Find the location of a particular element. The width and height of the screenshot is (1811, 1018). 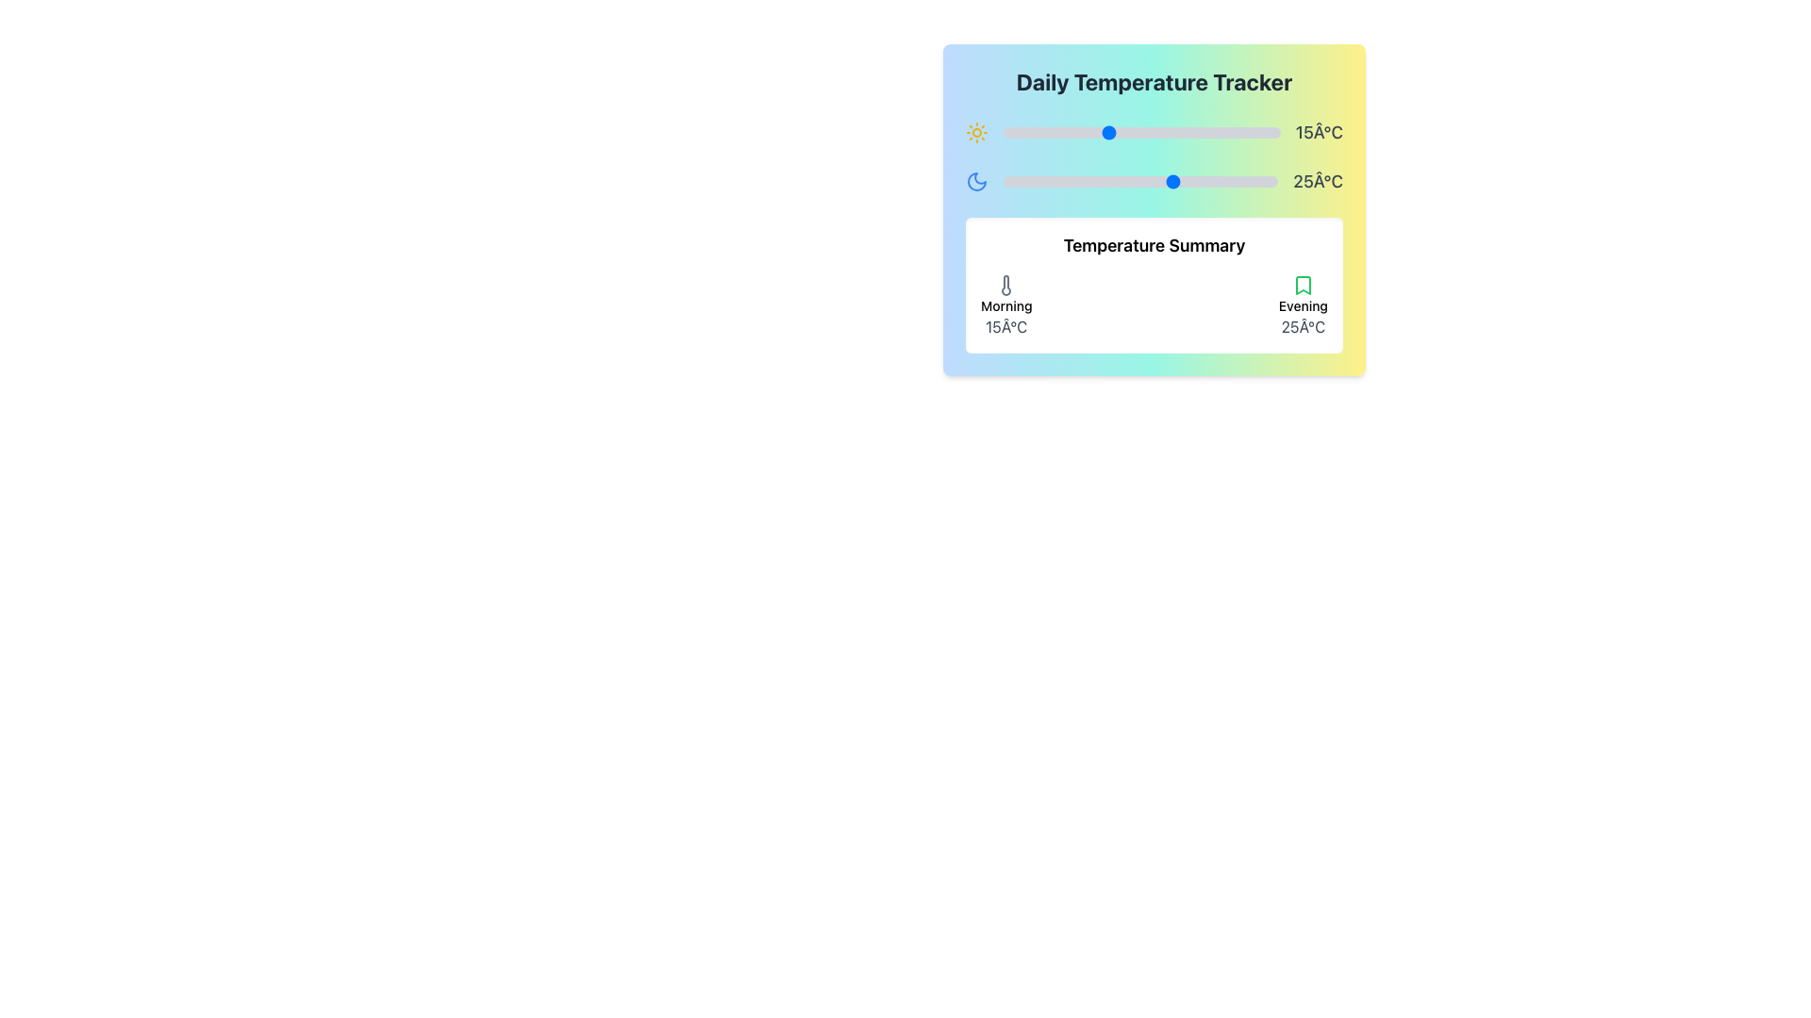

the text label displaying the temperature value '15Â°C' located in the 'Daily Temperature Tracker' section, adjacent to the temperature slider is located at coordinates (1154, 132).